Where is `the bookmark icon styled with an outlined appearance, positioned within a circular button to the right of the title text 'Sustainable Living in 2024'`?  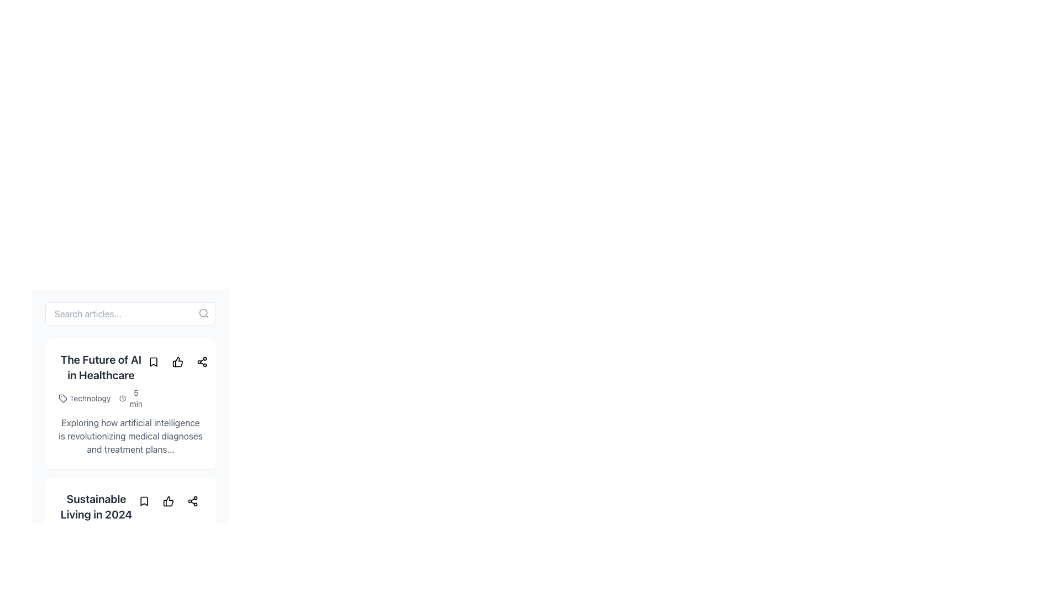 the bookmark icon styled with an outlined appearance, positioned within a circular button to the right of the title text 'Sustainable Living in 2024' is located at coordinates (143, 501).